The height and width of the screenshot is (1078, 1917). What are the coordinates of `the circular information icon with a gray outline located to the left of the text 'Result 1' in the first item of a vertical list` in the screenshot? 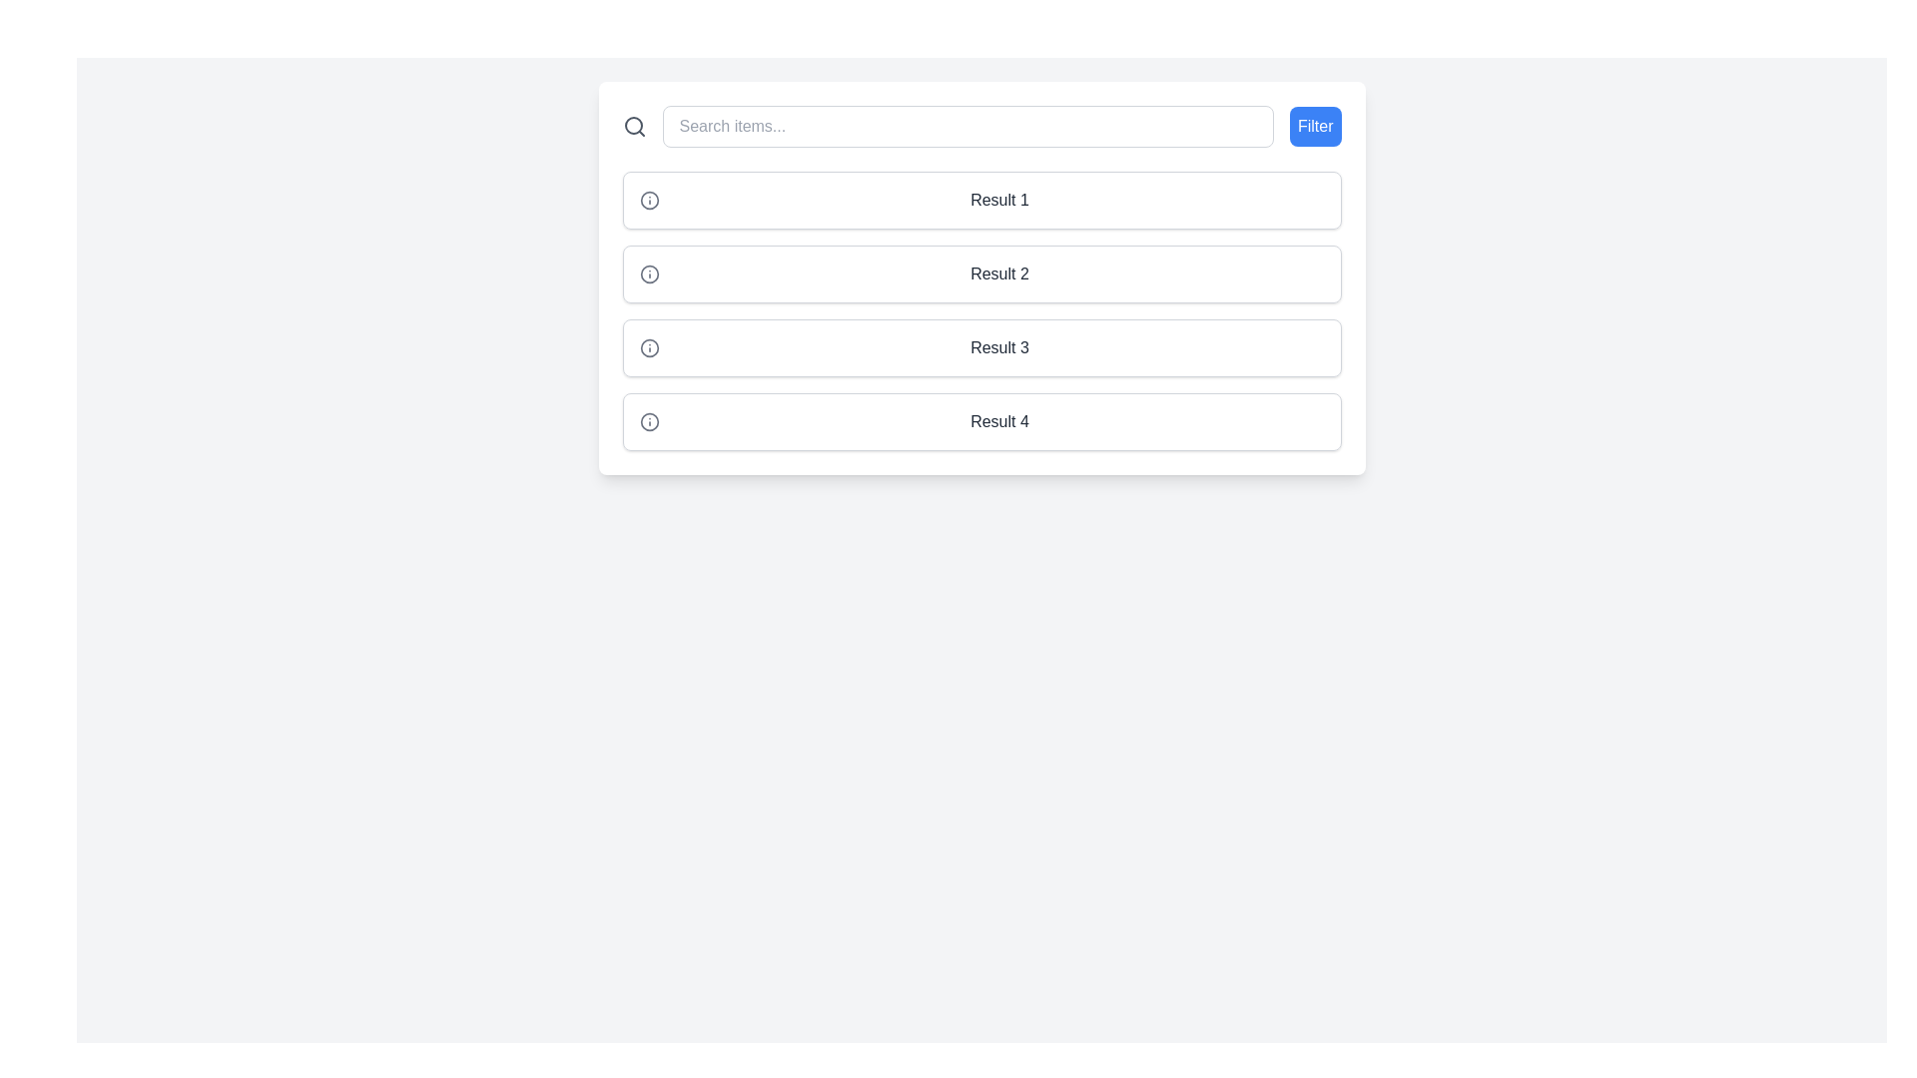 It's located at (649, 200).